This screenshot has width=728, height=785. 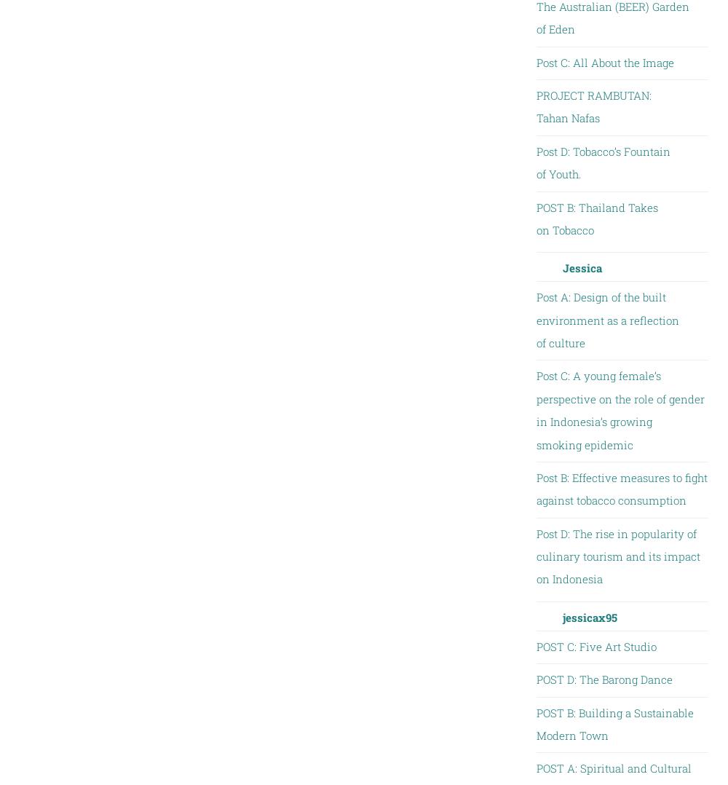 I want to click on 'Post C: A young female’s perspective on the role of gender in Indonesia’s growing smoking epidemic', so click(x=619, y=409).